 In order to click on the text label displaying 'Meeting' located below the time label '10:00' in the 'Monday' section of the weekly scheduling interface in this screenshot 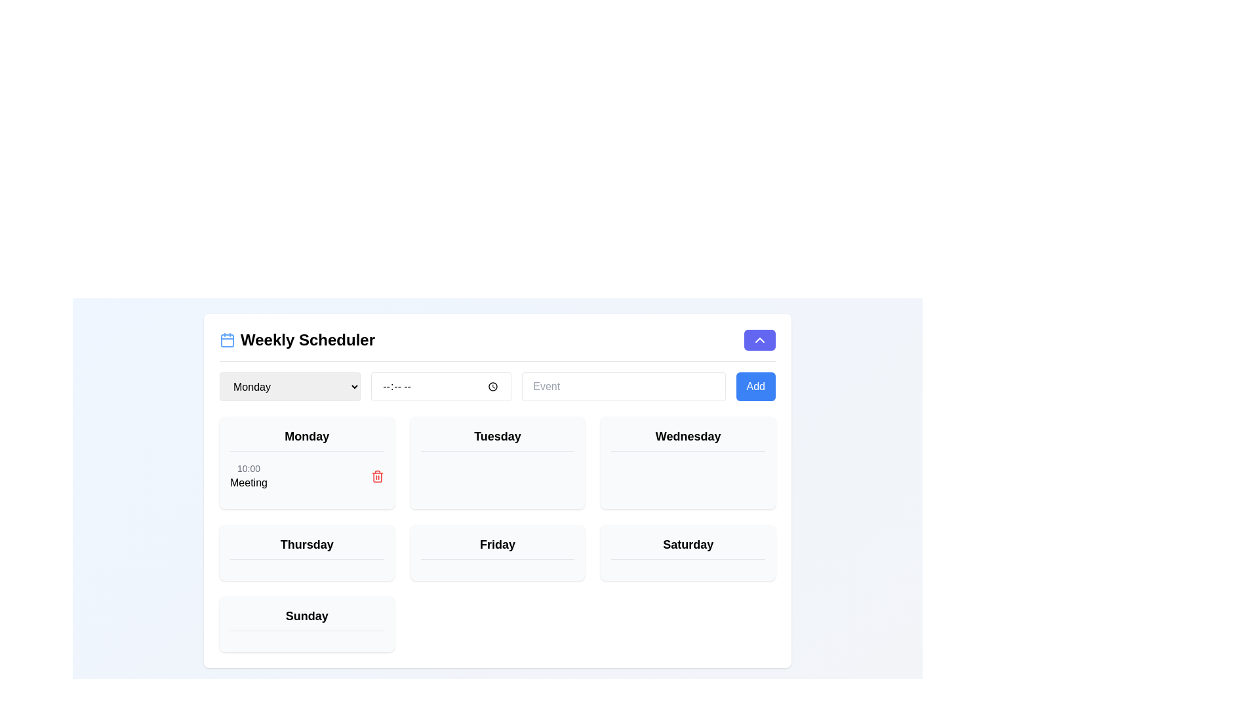, I will do `click(249, 482)`.